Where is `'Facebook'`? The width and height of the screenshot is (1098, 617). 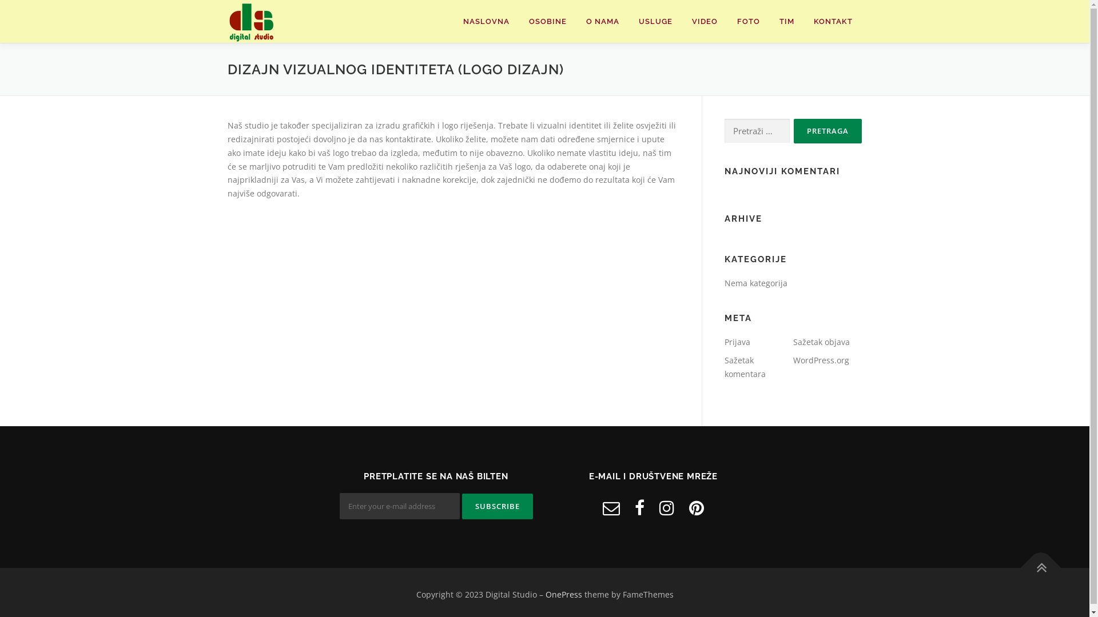 'Facebook' is located at coordinates (639, 507).